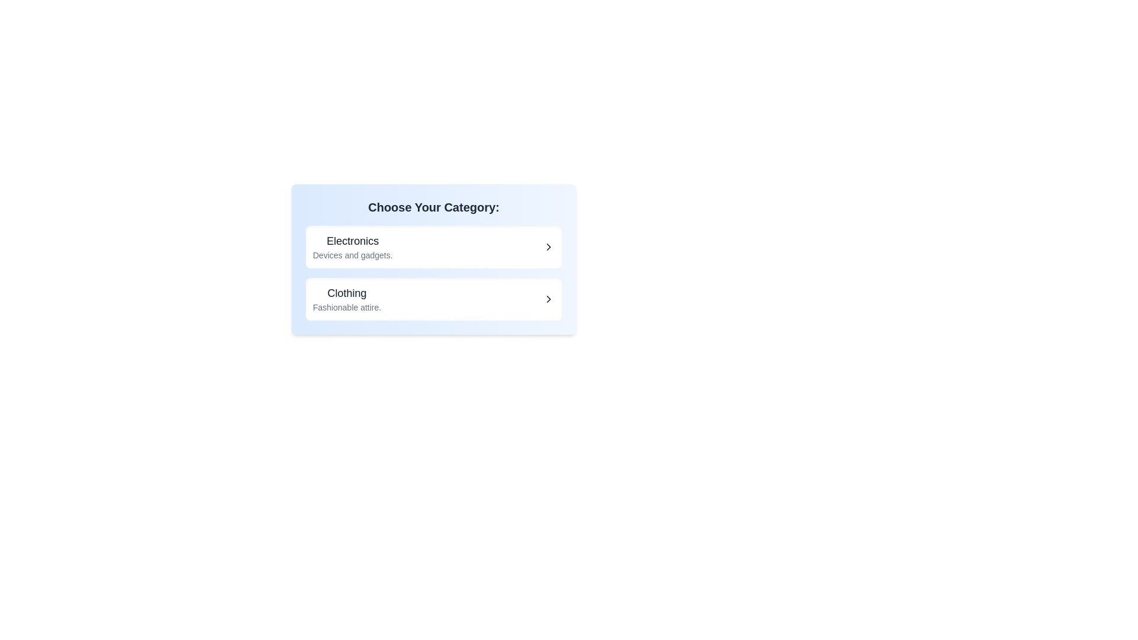 The width and height of the screenshot is (1138, 640). What do you see at coordinates (346, 307) in the screenshot?
I see `the descriptive text element providing additional information about the 'Clothing' category, located towards the lower middle area of the interface` at bounding box center [346, 307].